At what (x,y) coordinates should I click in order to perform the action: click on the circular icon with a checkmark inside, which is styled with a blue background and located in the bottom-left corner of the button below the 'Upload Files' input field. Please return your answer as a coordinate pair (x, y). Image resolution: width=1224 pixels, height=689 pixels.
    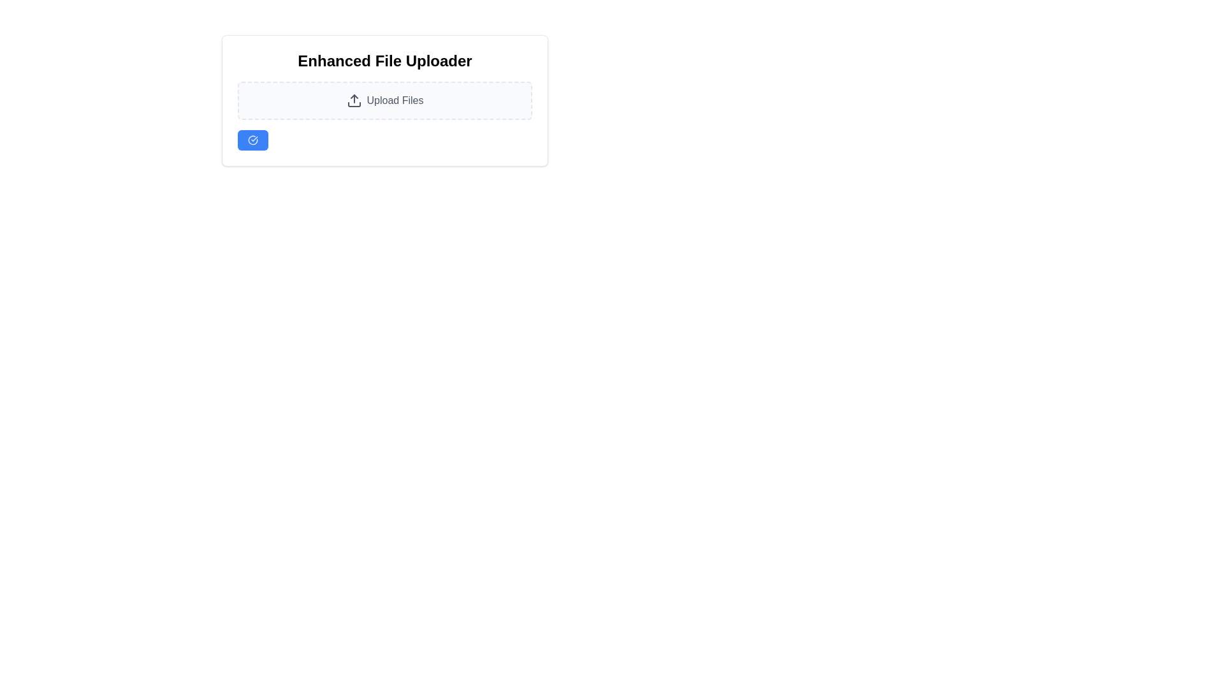
    Looking at the image, I should click on (253, 140).